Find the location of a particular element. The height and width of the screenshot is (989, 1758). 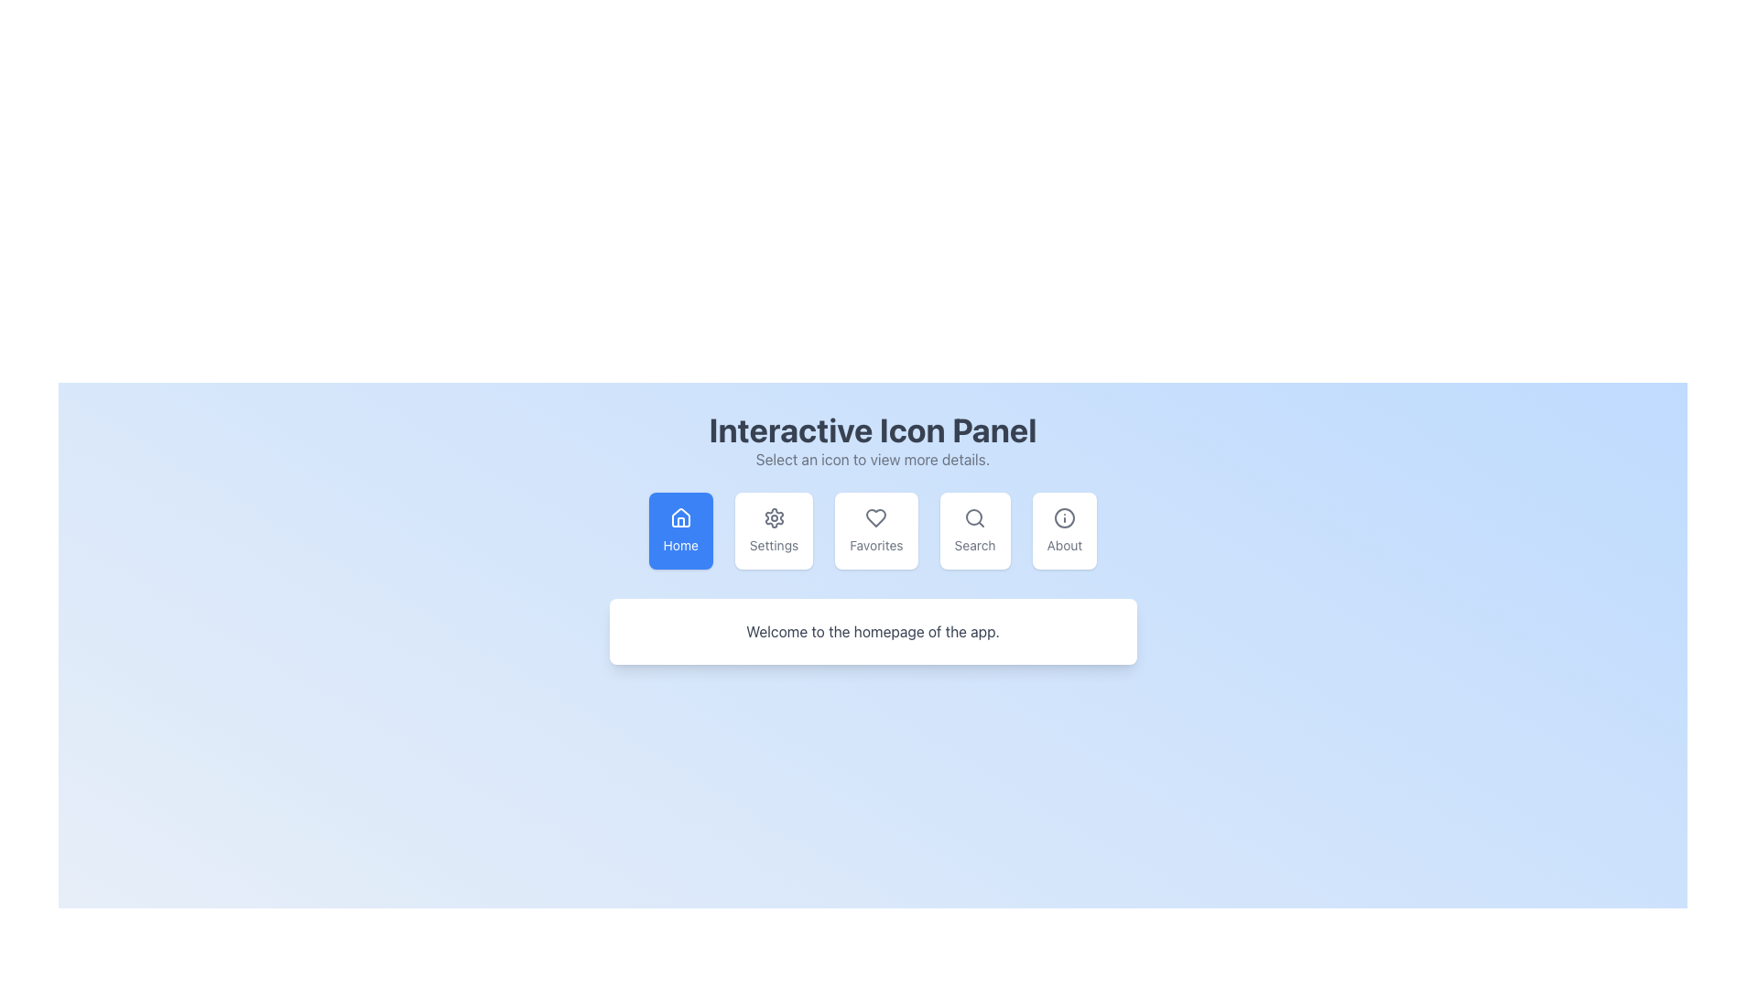

the information icon in the 'About' button, which is a circular SVG graphic with a centrally aligned 'i' symbol, located at the far-right side of the navigational buttons is located at coordinates (1064, 518).